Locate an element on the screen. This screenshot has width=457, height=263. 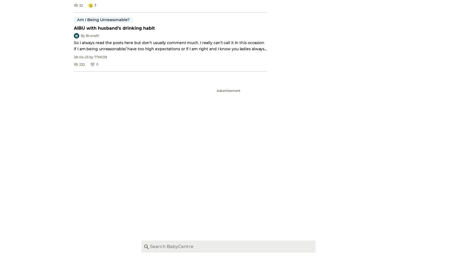
'Am I Being Unreasonable?' is located at coordinates (103, 19).